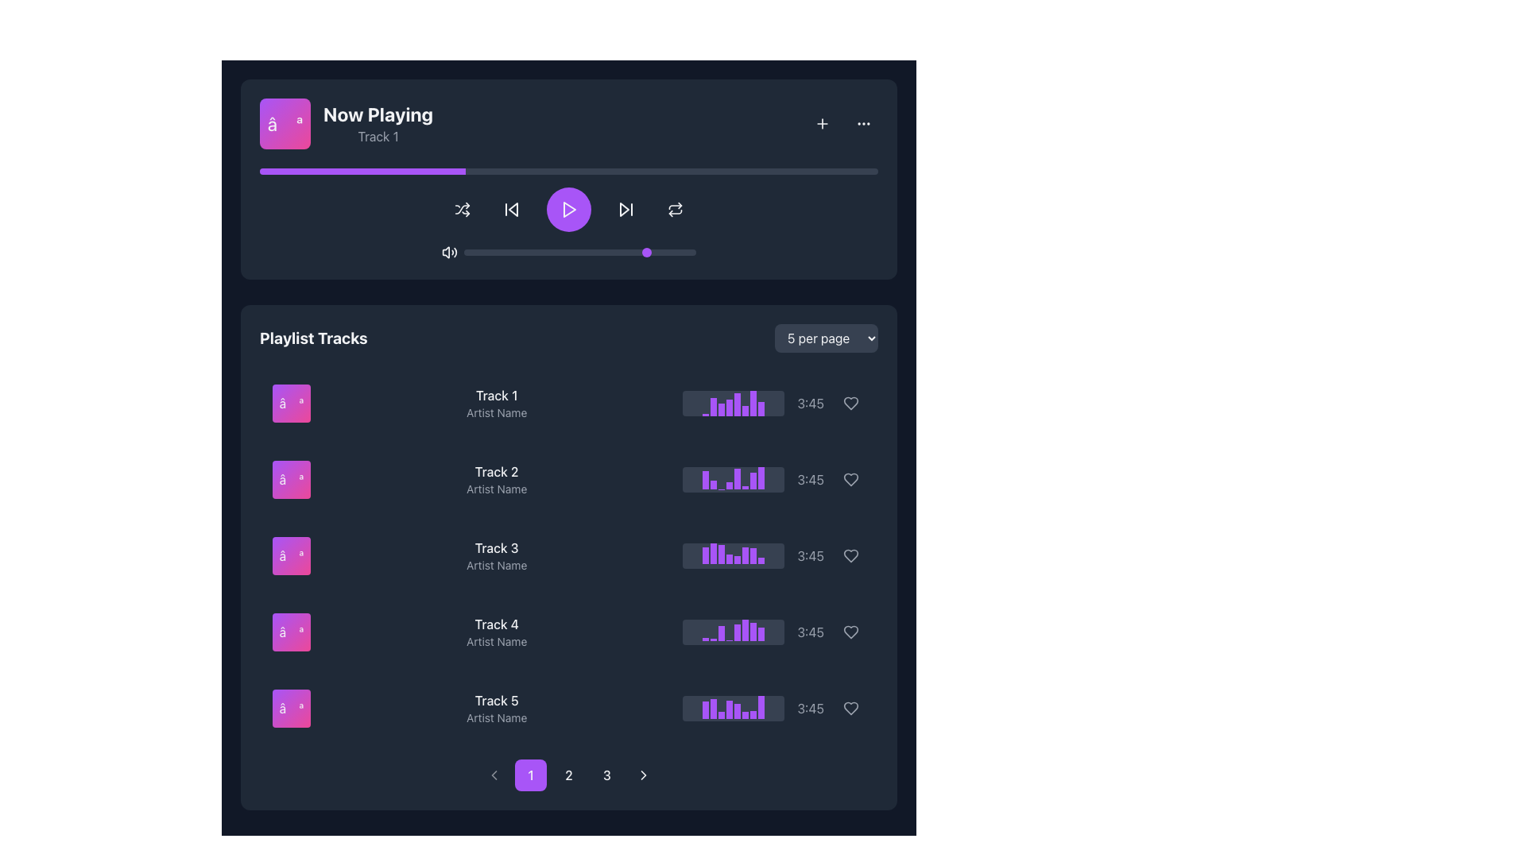  I want to click on the heart icon located next to the duration information in the 'Playlist Tracks' section for 'Track 2' to receive visual feedback, so click(850, 479).